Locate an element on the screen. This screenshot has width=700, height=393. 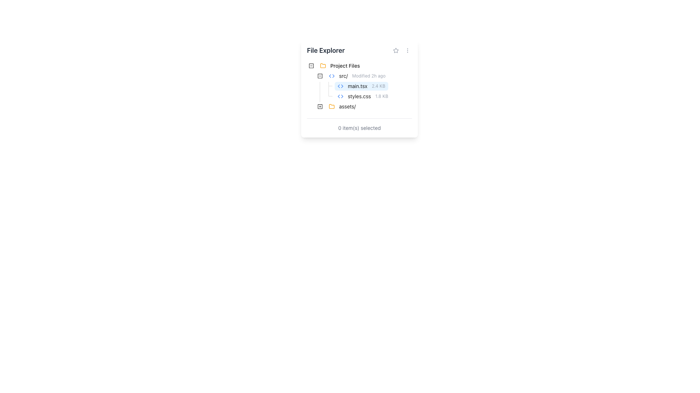
the interactive label for the 'src/' folder, which is styled with a blue and bold font, located in the file tree under 'Project Files' is located at coordinates (357, 76).